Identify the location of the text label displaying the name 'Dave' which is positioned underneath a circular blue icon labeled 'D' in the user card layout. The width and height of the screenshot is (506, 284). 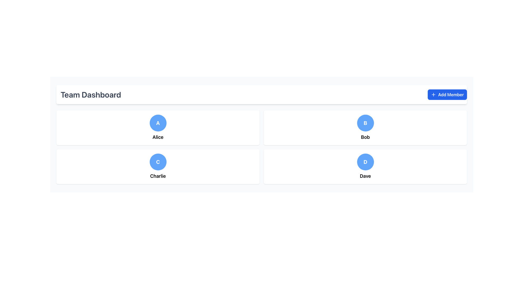
(365, 176).